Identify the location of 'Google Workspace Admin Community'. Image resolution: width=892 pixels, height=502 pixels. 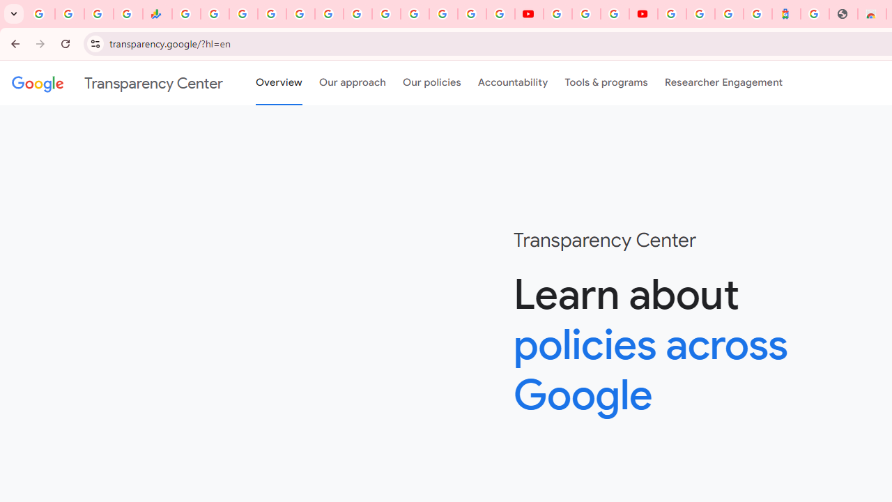
(40, 14).